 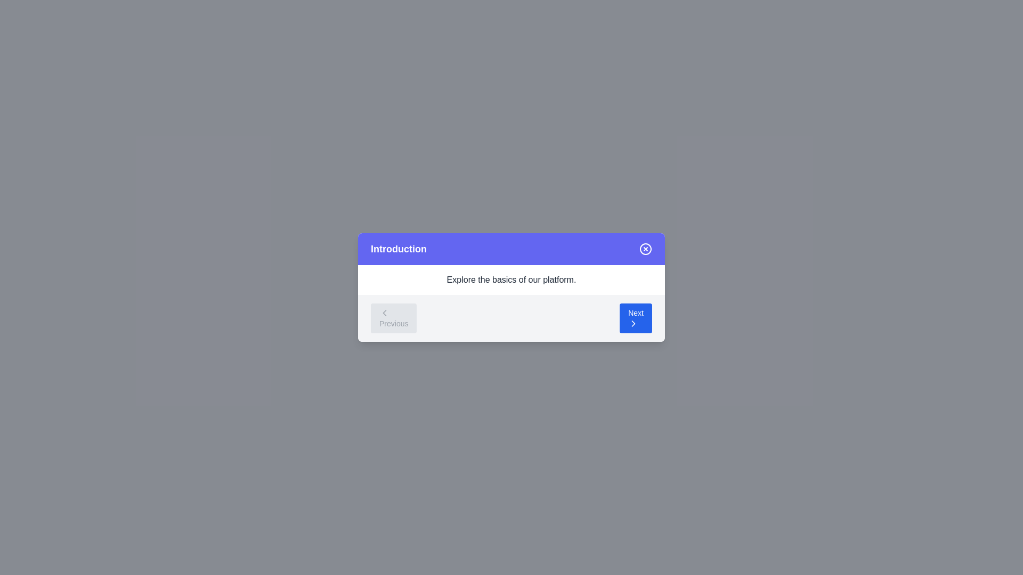 What do you see at coordinates (393, 317) in the screenshot?
I see `the disabled 'Previous' button located in the footer of the modal dialog box, which is the leftmost button next to the 'Next' button` at bounding box center [393, 317].